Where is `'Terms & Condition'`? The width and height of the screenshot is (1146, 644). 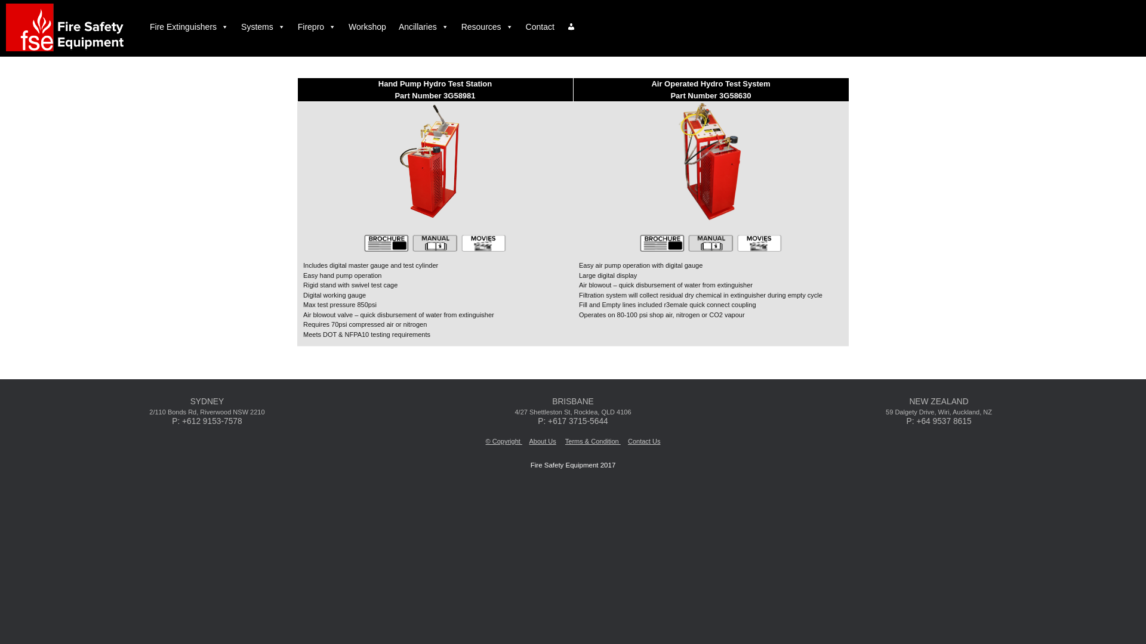 'Terms & Condition' is located at coordinates (593, 441).